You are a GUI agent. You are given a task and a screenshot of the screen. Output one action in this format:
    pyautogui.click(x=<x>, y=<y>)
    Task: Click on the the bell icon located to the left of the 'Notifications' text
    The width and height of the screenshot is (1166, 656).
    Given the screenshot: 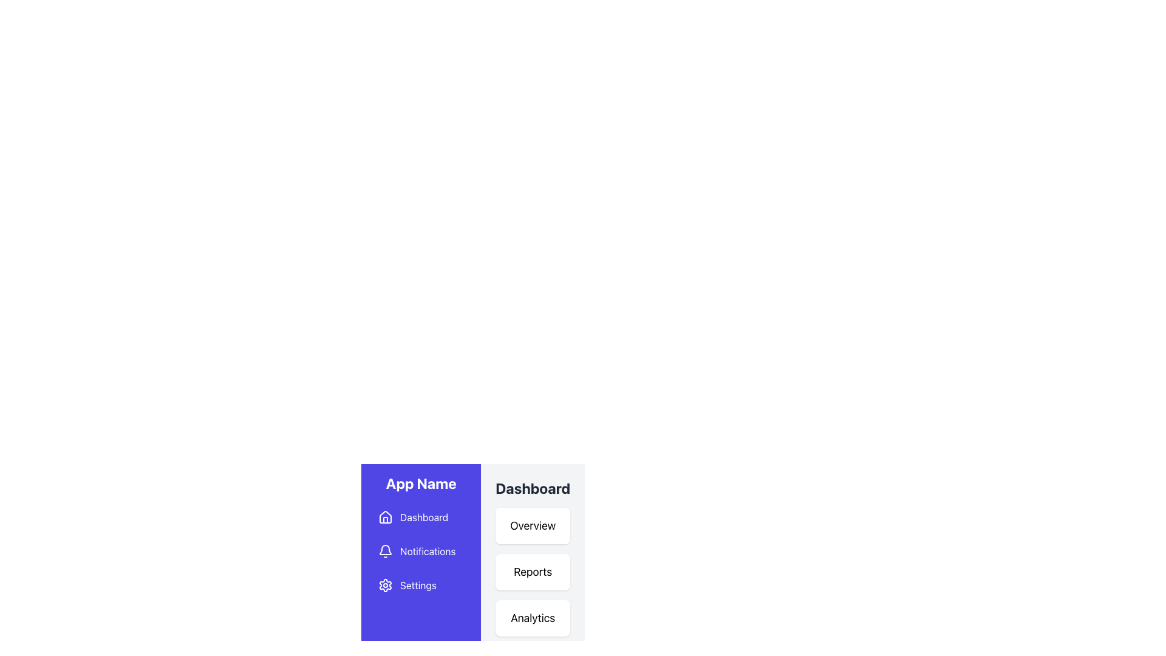 What is the action you would take?
    pyautogui.click(x=384, y=551)
    